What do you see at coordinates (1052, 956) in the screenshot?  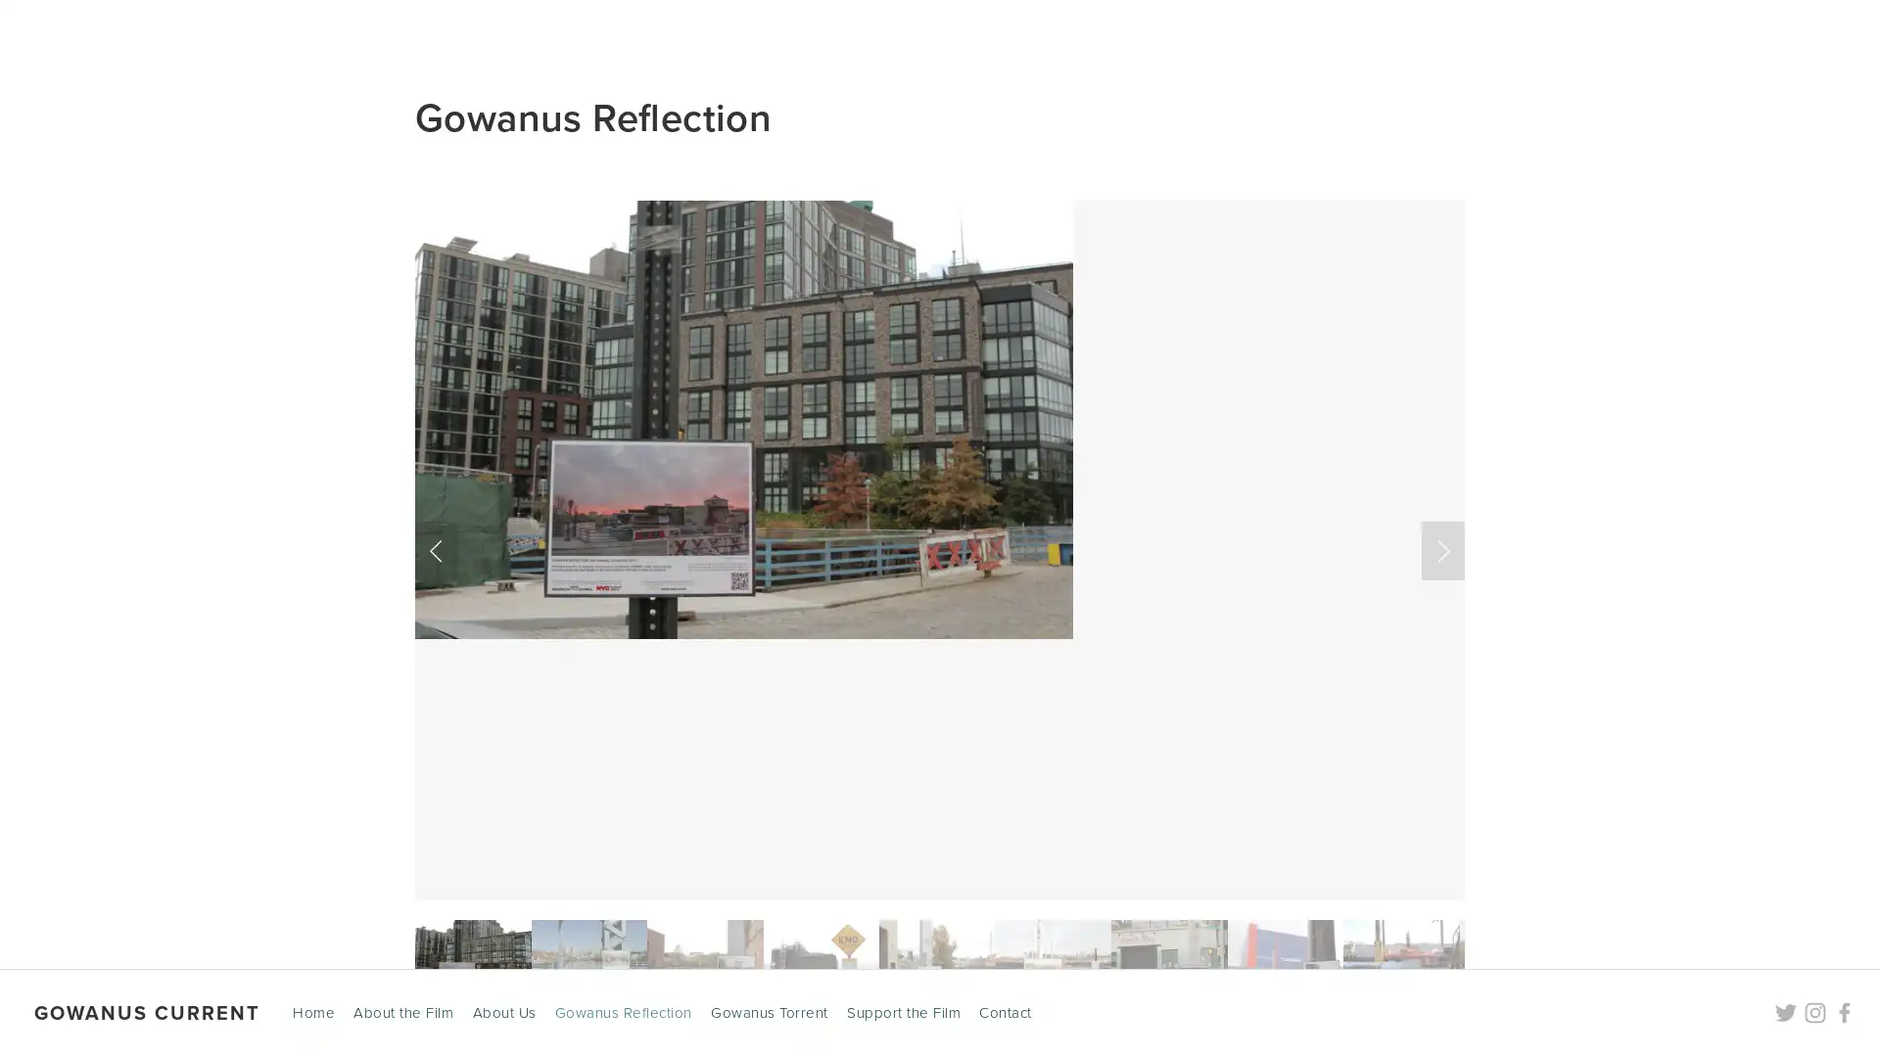 I see `Slide 6` at bounding box center [1052, 956].